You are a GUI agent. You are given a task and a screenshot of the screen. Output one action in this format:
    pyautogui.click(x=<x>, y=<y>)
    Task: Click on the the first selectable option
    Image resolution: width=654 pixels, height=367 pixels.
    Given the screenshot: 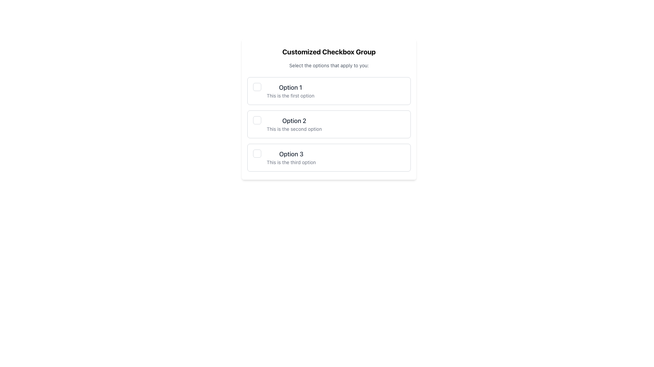 What is the action you would take?
    pyautogui.click(x=329, y=90)
    